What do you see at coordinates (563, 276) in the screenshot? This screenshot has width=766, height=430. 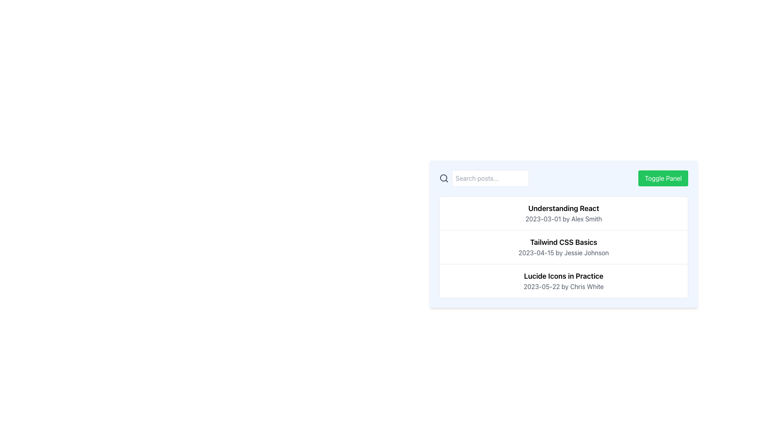 I see `the bold text heading 'Lucide Icons in Practice'` at bounding box center [563, 276].